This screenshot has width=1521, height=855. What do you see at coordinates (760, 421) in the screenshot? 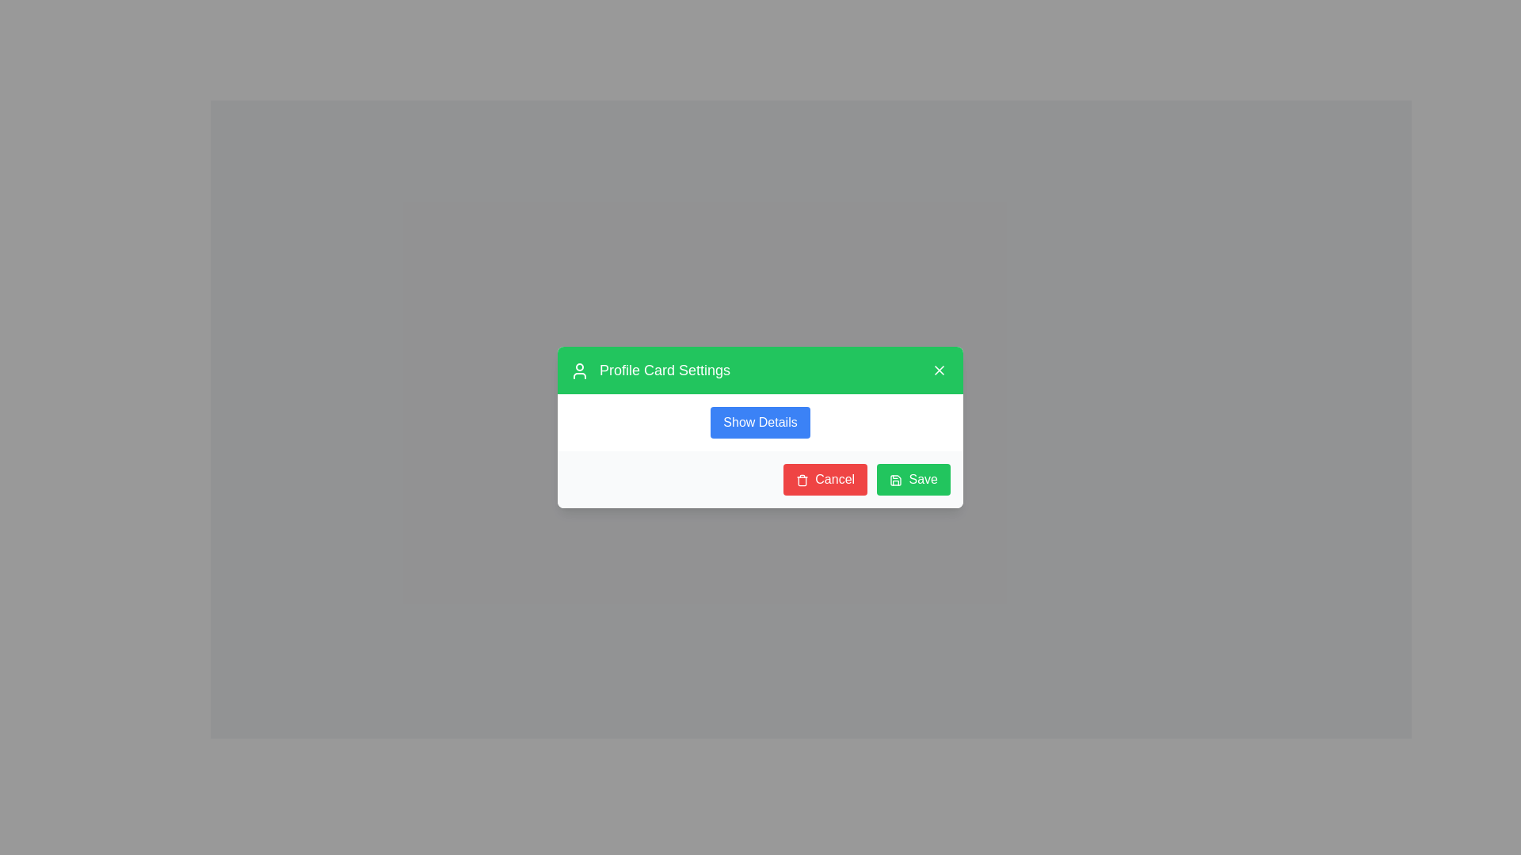
I see `the blue button labeled 'Show Details' to observe style changes` at bounding box center [760, 421].